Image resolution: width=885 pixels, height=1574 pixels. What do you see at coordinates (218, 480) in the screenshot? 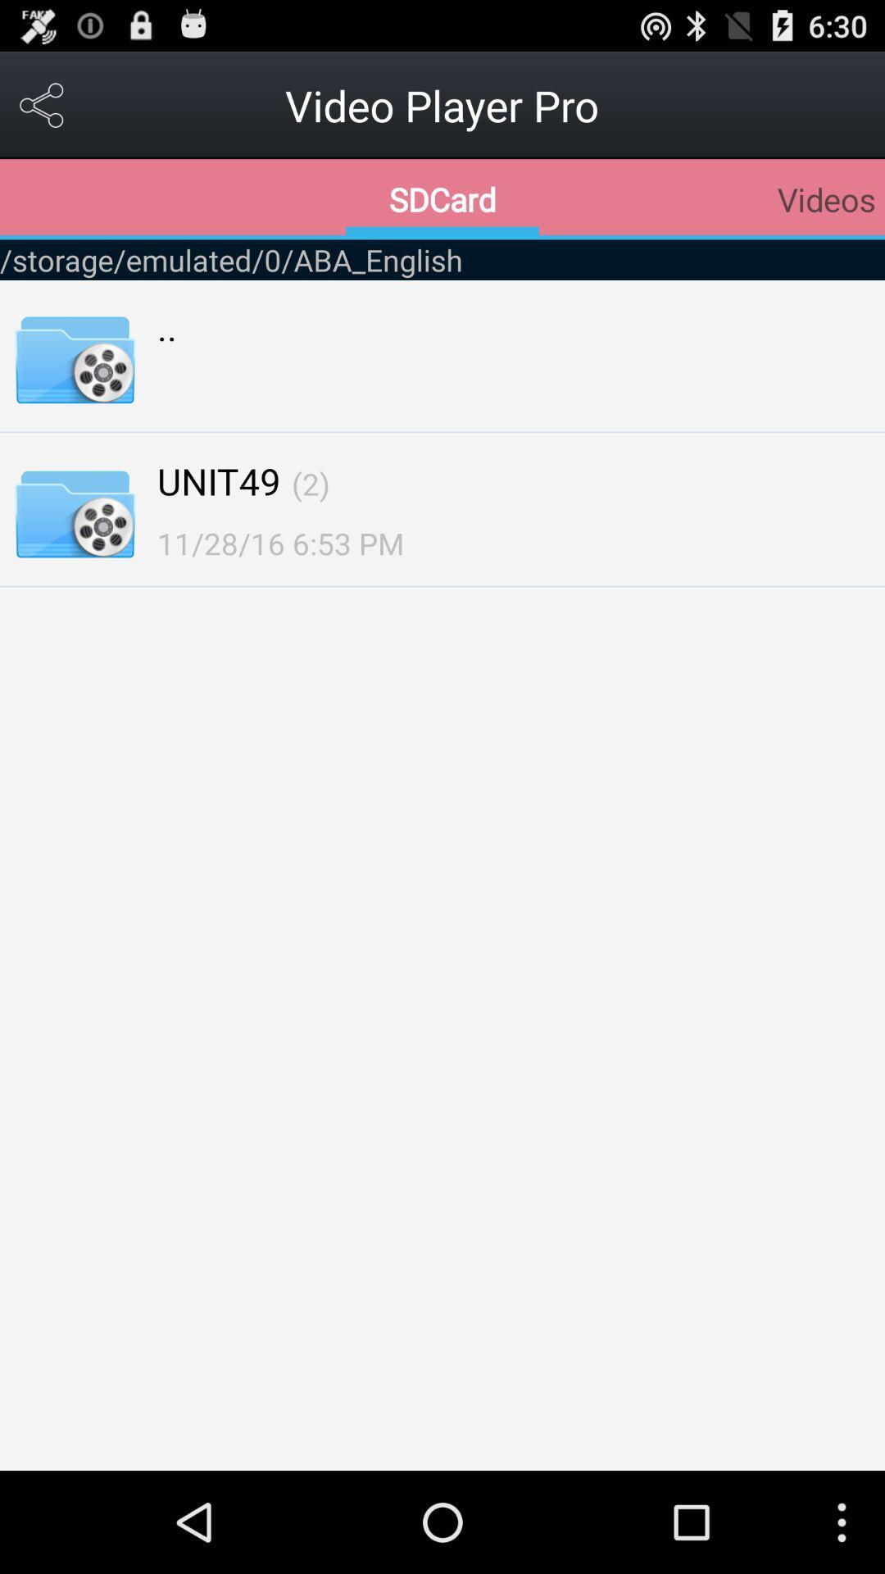
I see `unit49 icon` at bounding box center [218, 480].